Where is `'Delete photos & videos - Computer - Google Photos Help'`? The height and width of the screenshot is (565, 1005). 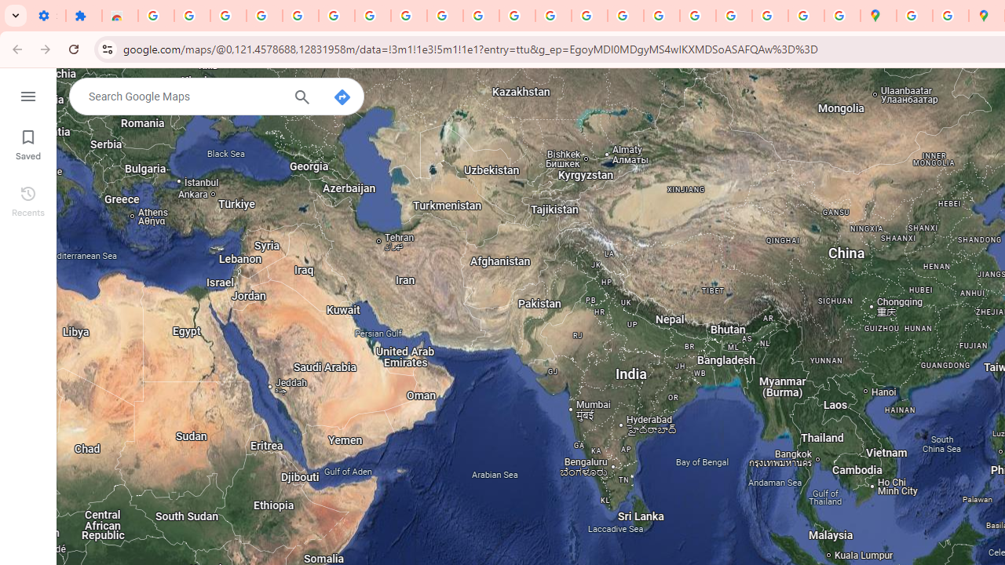 'Delete photos & videos - Computer - Google Photos Help' is located at coordinates (191, 16).